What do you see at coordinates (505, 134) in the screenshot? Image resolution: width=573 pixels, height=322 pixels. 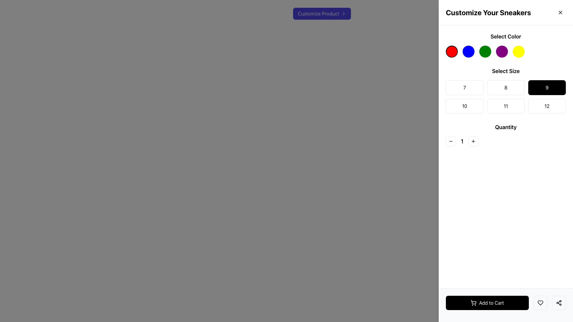 I see `the decrement button of the Interactive quantity selector located in the 'Quantity' section below 'Select Size' to decrease the quantity` at bounding box center [505, 134].